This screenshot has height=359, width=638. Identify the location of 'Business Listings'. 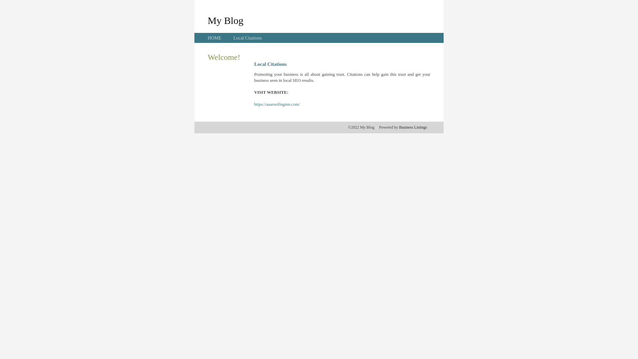
(413, 127).